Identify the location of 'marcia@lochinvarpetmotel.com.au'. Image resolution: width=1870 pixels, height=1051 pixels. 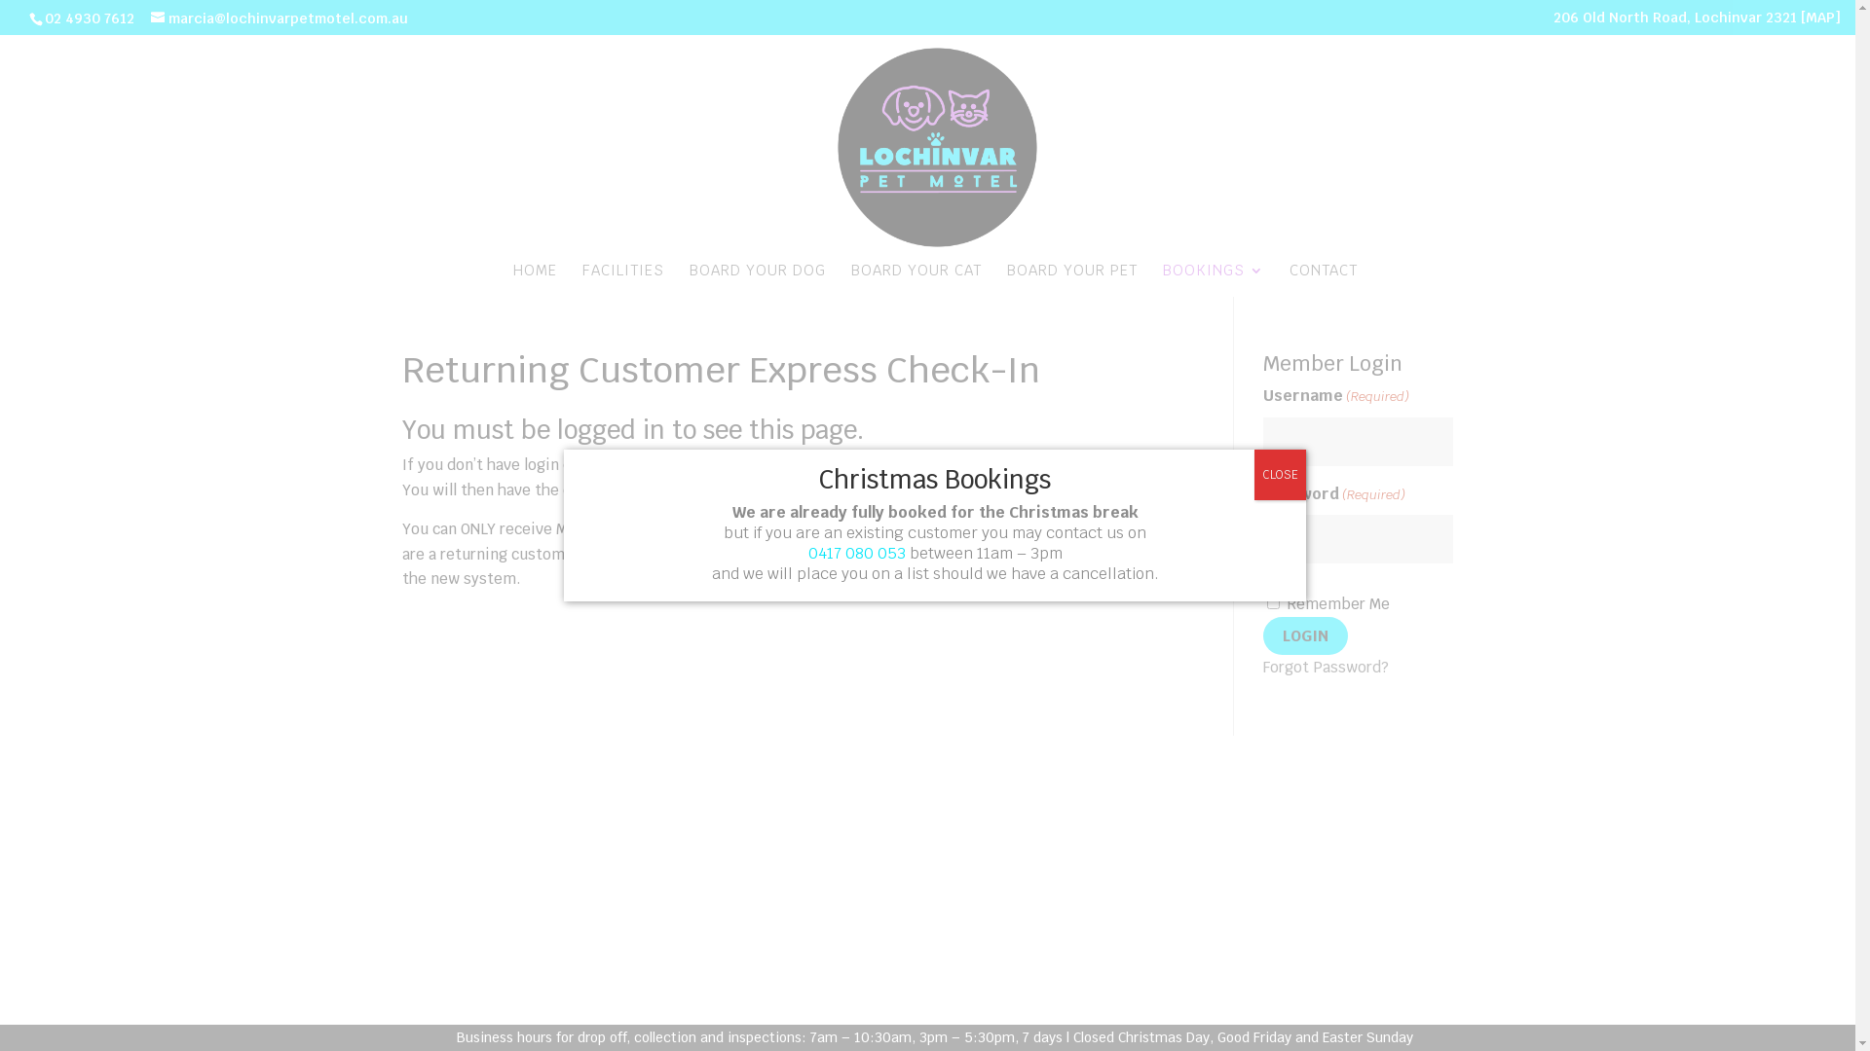
(279, 18).